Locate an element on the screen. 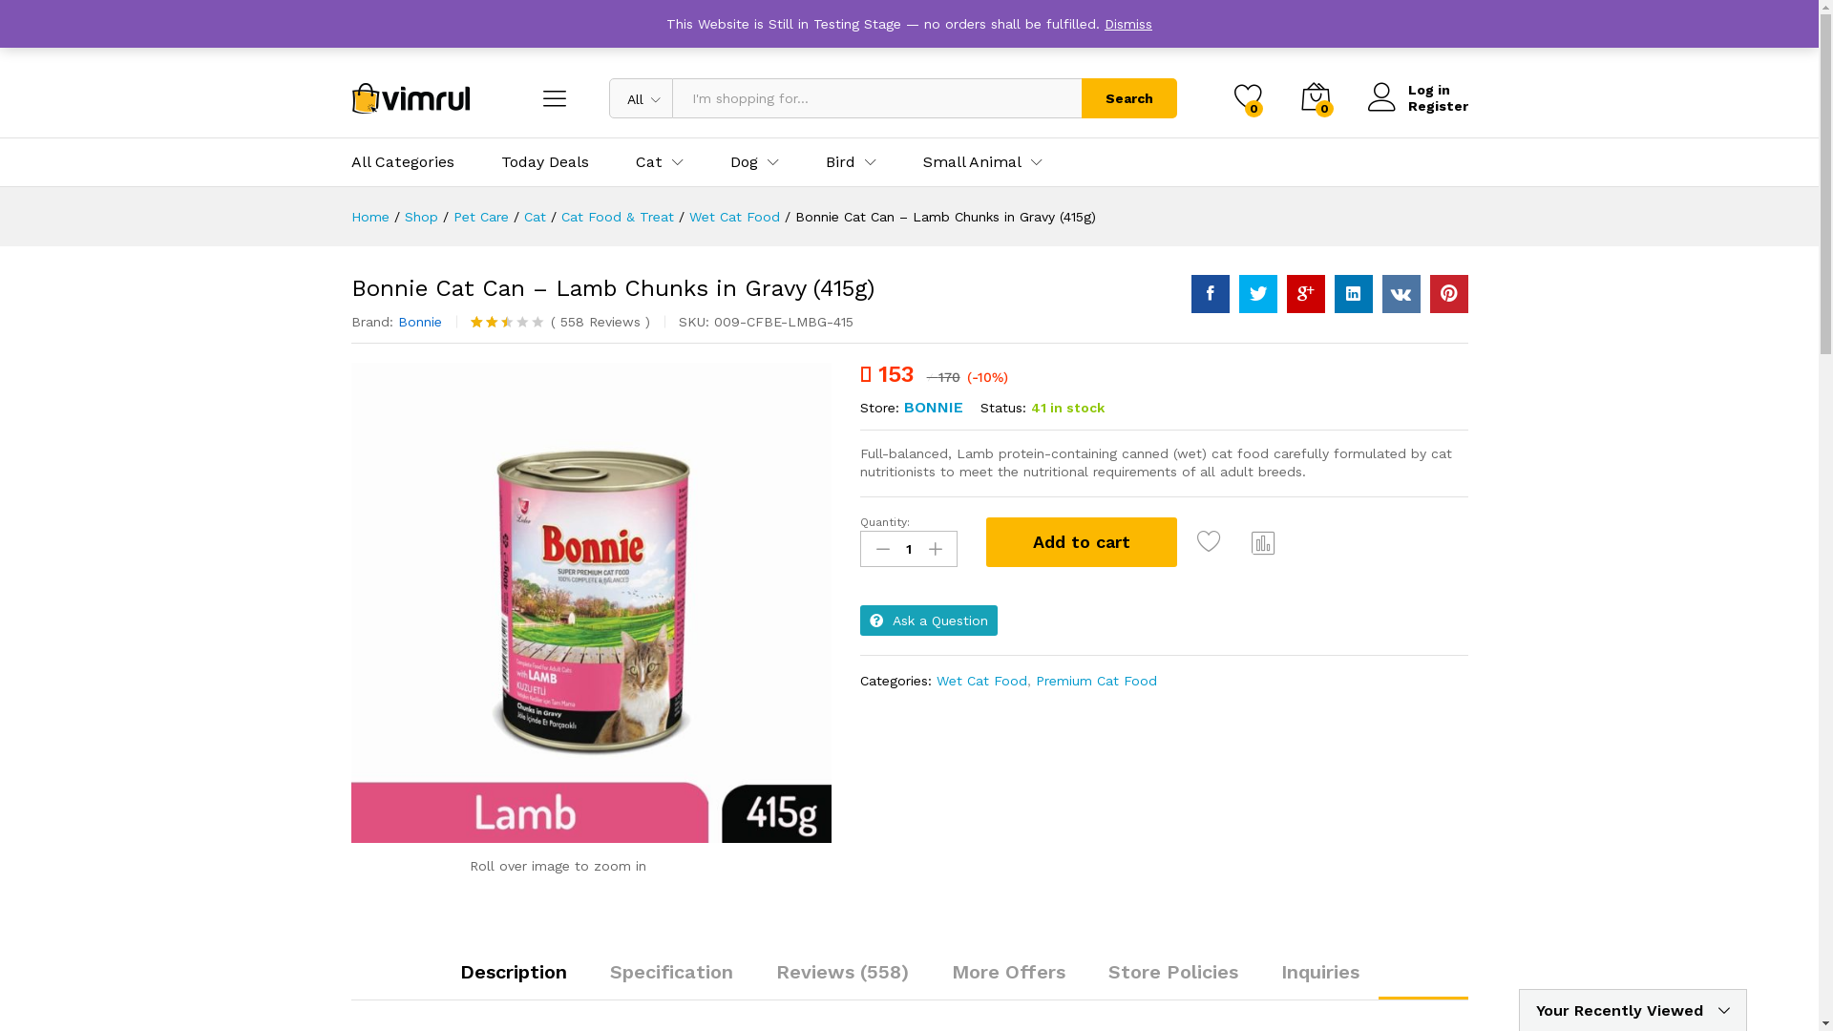 This screenshot has height=1031, width=1833. 'More Offers' is located at coordinates (1006, 972).